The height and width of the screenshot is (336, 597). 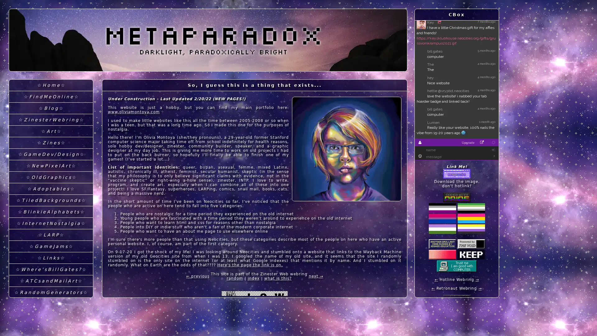 I want to click on L i n k s, so click(x=51, y=258).